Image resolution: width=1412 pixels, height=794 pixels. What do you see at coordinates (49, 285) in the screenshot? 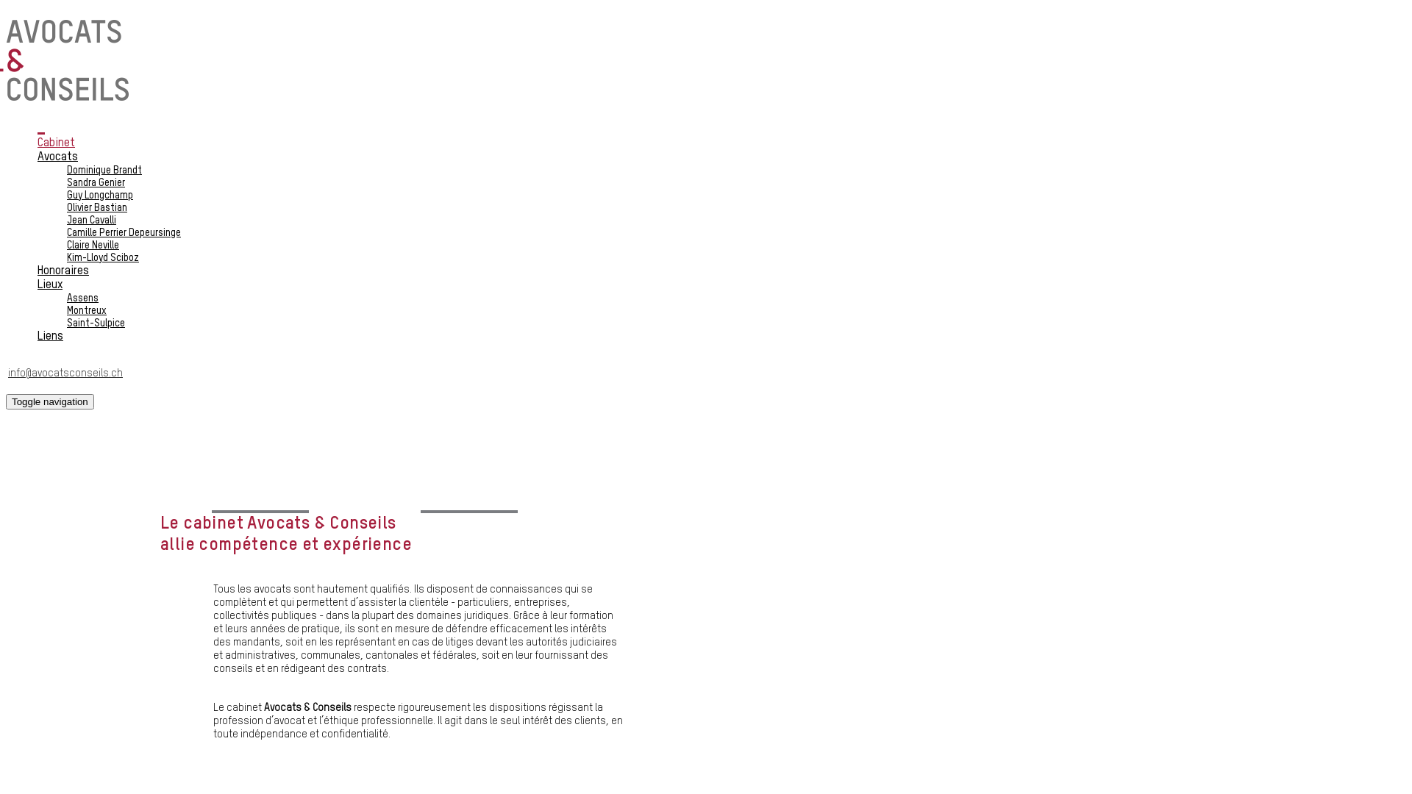
I see `'Lieux'` at bounding box center [49, 285].